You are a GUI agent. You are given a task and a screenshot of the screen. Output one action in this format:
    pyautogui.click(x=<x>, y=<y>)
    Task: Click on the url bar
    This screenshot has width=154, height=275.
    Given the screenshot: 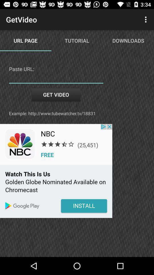 What is the action you would take?
    pyautogui.click(x=56, y=79)
    